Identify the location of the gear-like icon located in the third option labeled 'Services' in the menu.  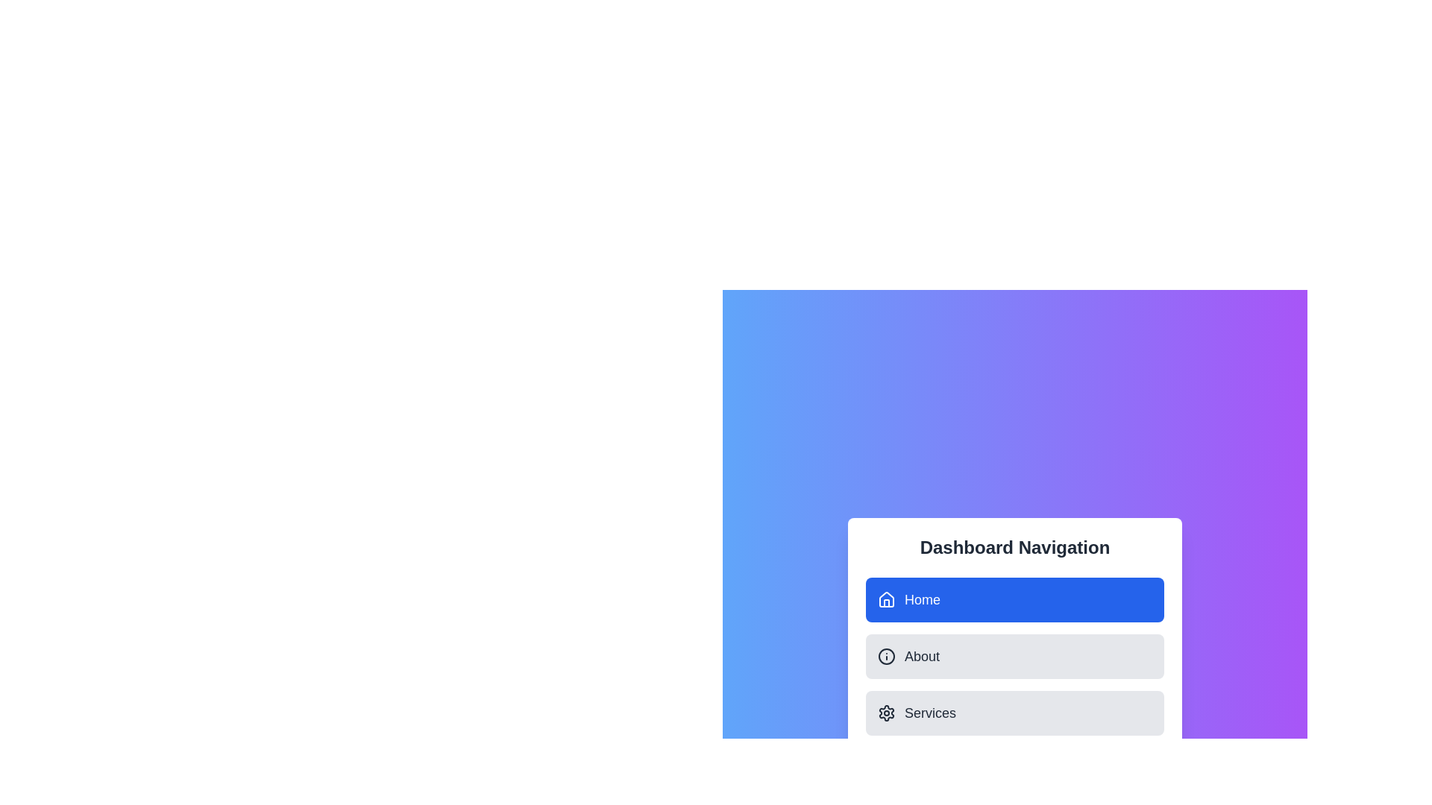
(887, 712).